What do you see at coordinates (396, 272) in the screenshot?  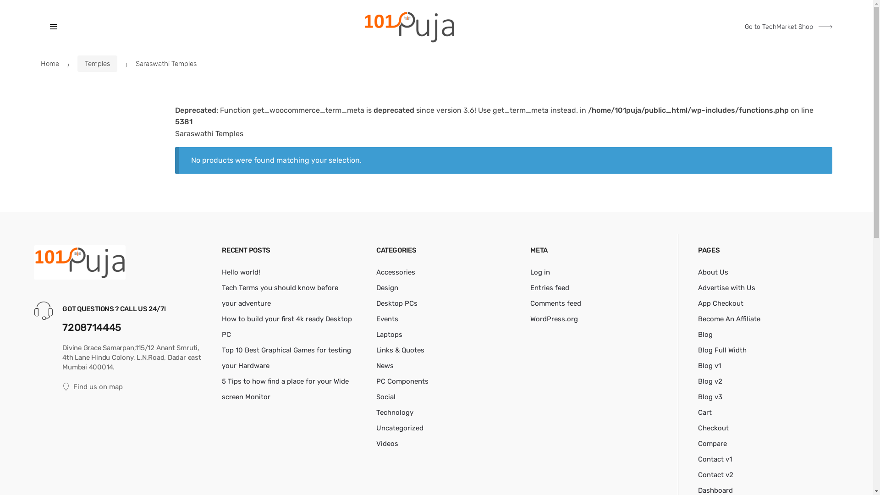 I see `'Accessories'` at bounding box center [396, 272].